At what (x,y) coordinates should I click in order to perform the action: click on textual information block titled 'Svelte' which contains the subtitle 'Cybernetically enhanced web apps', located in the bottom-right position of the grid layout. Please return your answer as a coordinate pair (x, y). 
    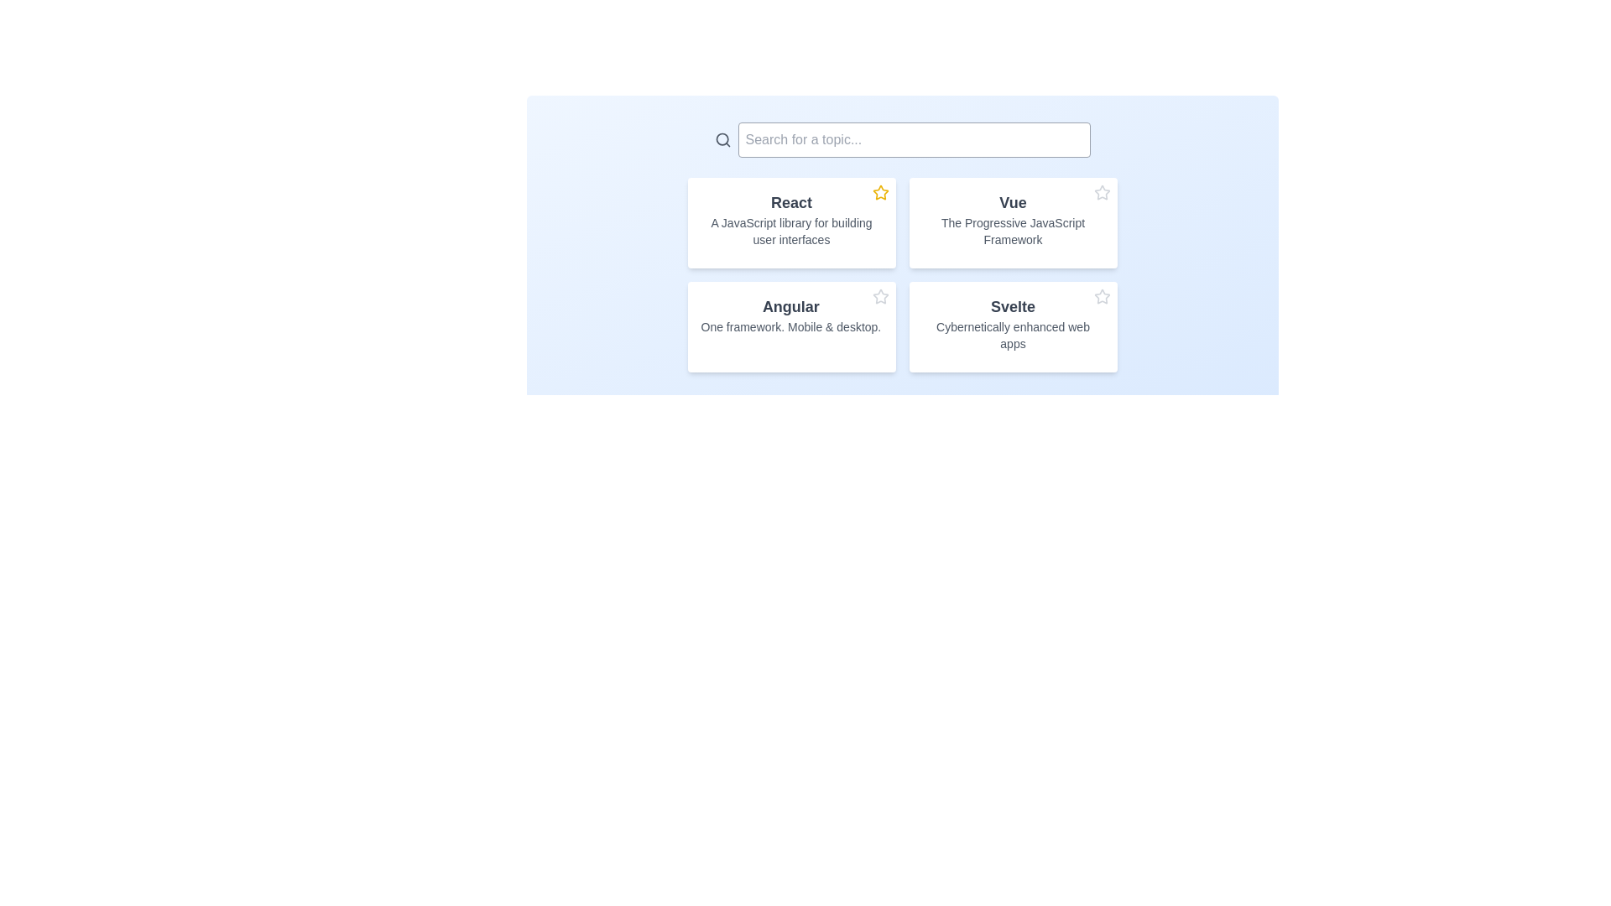
    Looking at the image, I should click on (1012, 323).